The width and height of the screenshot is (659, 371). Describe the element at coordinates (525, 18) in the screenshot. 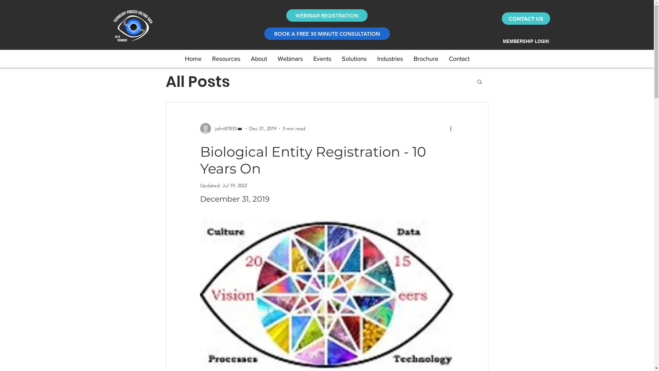

I see `'CONTACT US'` at that location.